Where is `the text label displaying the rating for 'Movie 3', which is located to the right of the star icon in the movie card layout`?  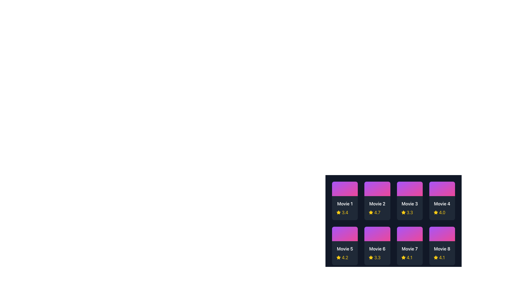 the text label displaying the rating for 'Movie 3', which is located to the right of the star icon in the movie card layout is located at coordinates (410, 212).